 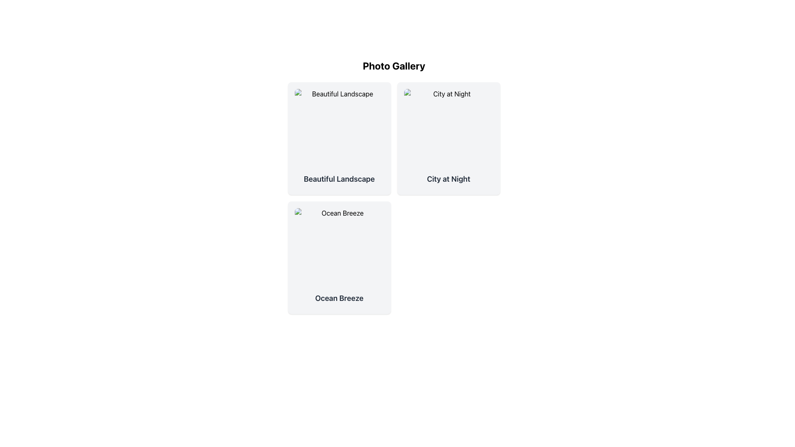 What do you see at coordinates (339, 178) in the screenshot?
I see `the text label displaying 'Beautiful Landscape' in bold and large font, located at the bottom of the card in the top-left corner of the grid layout` at bounding box center [339, 178].